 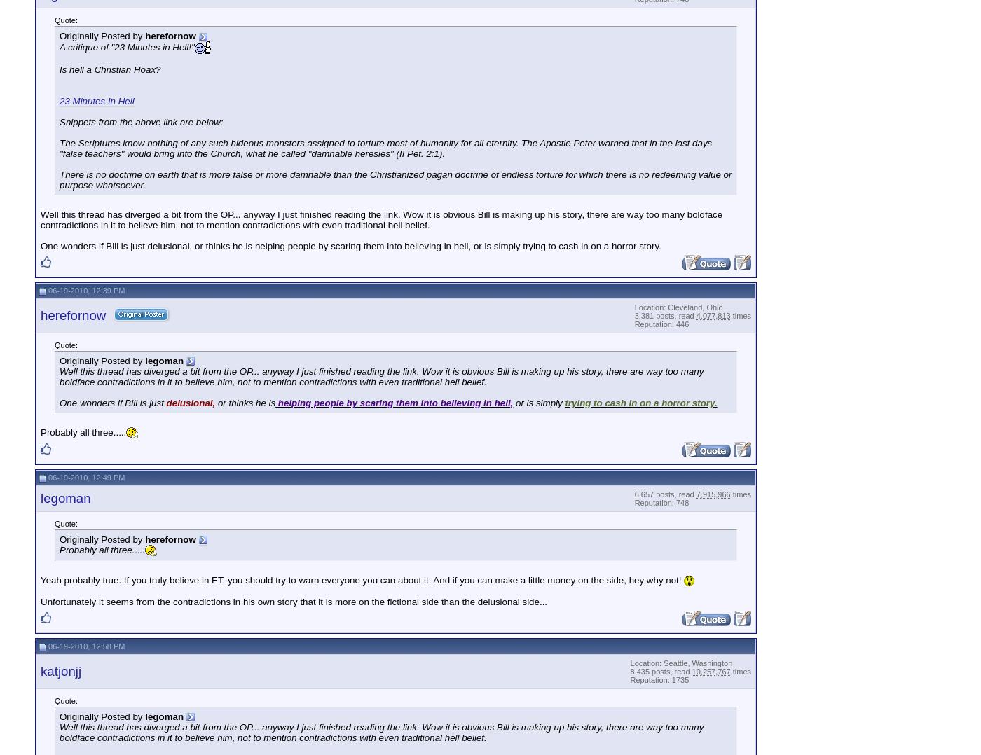 What do you see at coordinates (350, 246) in the screenshot?
I see `'One wonders if Bill is just delusional, or thinks he is helping people by scaring them into believing in hell, or is simply trying to cash in on a horror story.'` at bounding box center [350, 246].